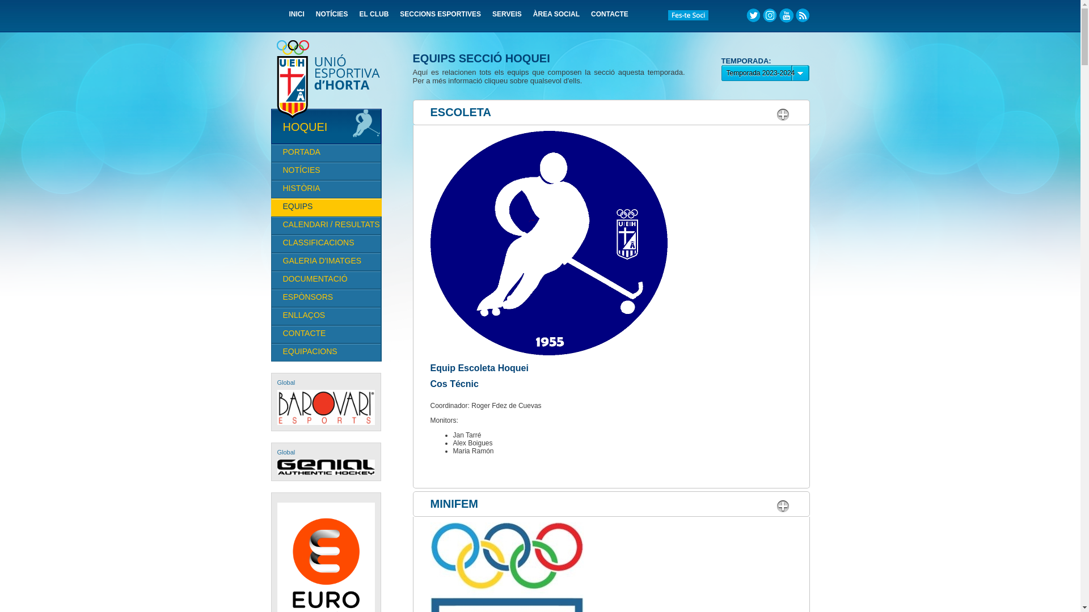  I want to click on 'CALENDARI / RESULTATS', so click(326, 225).